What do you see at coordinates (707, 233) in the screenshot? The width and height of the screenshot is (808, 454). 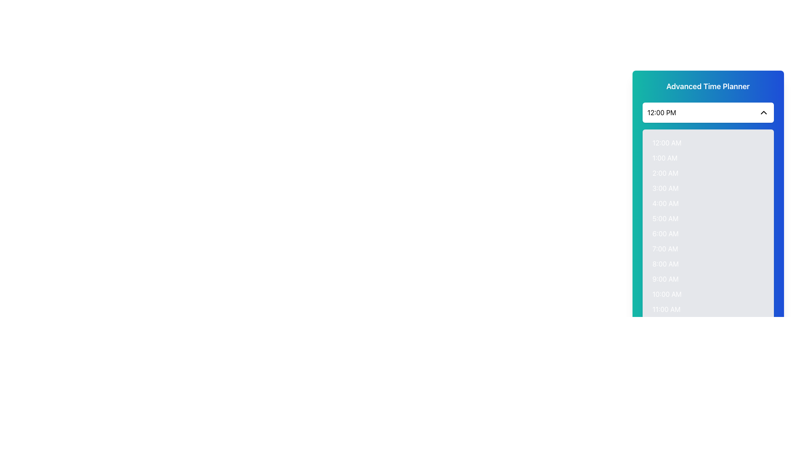 I see `the selectable list item for '6:00 AM', which is the seventh item in the list positioned between '5:00 AM' and '7:00 AM'` at bounding box center [707, 233].